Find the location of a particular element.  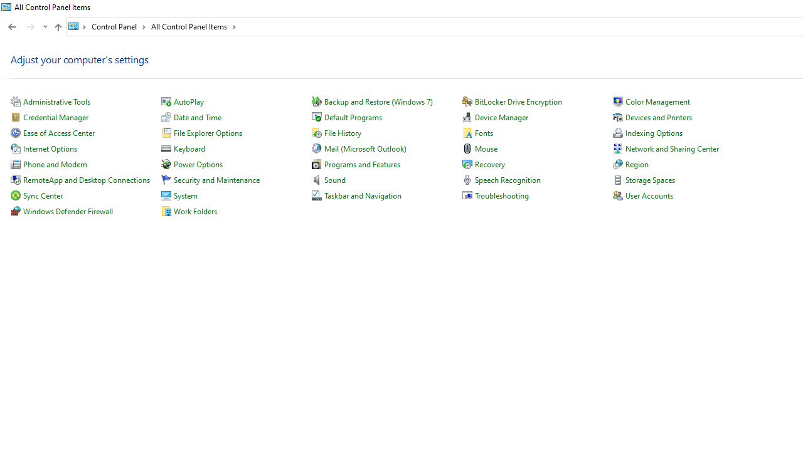

'Color Management' is located at coordinates (657, 101).